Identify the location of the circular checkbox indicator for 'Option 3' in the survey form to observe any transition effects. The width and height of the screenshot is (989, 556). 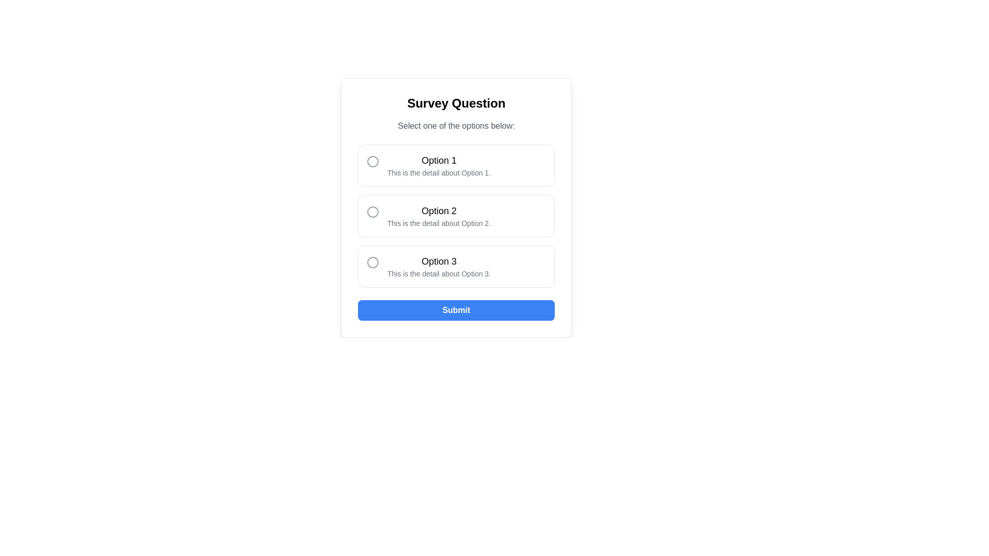
(372, 262).